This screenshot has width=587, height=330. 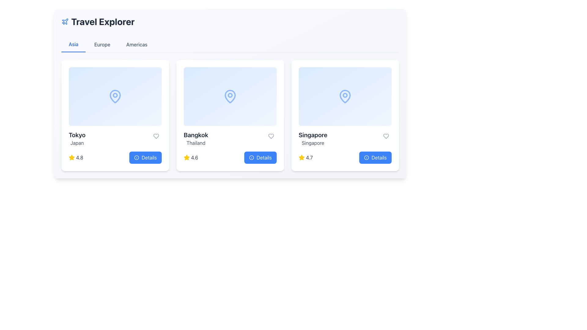 I want to click on the text label 'Bangkok', which is styled in bold and larger font as the title of a location card, located centrally in the second card of a horizontally arranged list, so click(x=196, y=135).